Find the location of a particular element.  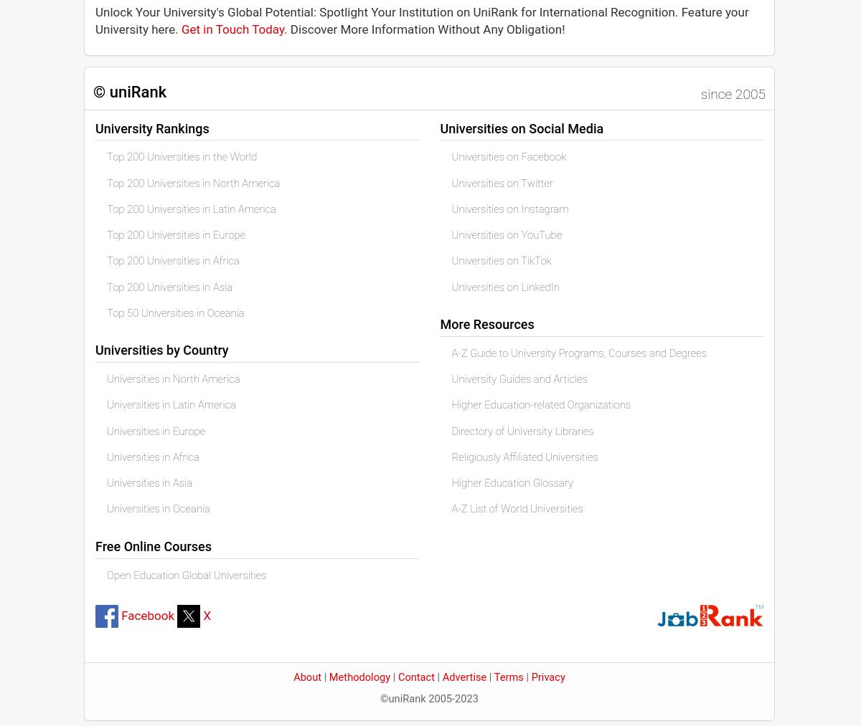

'Open Education Global Universities' is located at coordinates (107, 574).